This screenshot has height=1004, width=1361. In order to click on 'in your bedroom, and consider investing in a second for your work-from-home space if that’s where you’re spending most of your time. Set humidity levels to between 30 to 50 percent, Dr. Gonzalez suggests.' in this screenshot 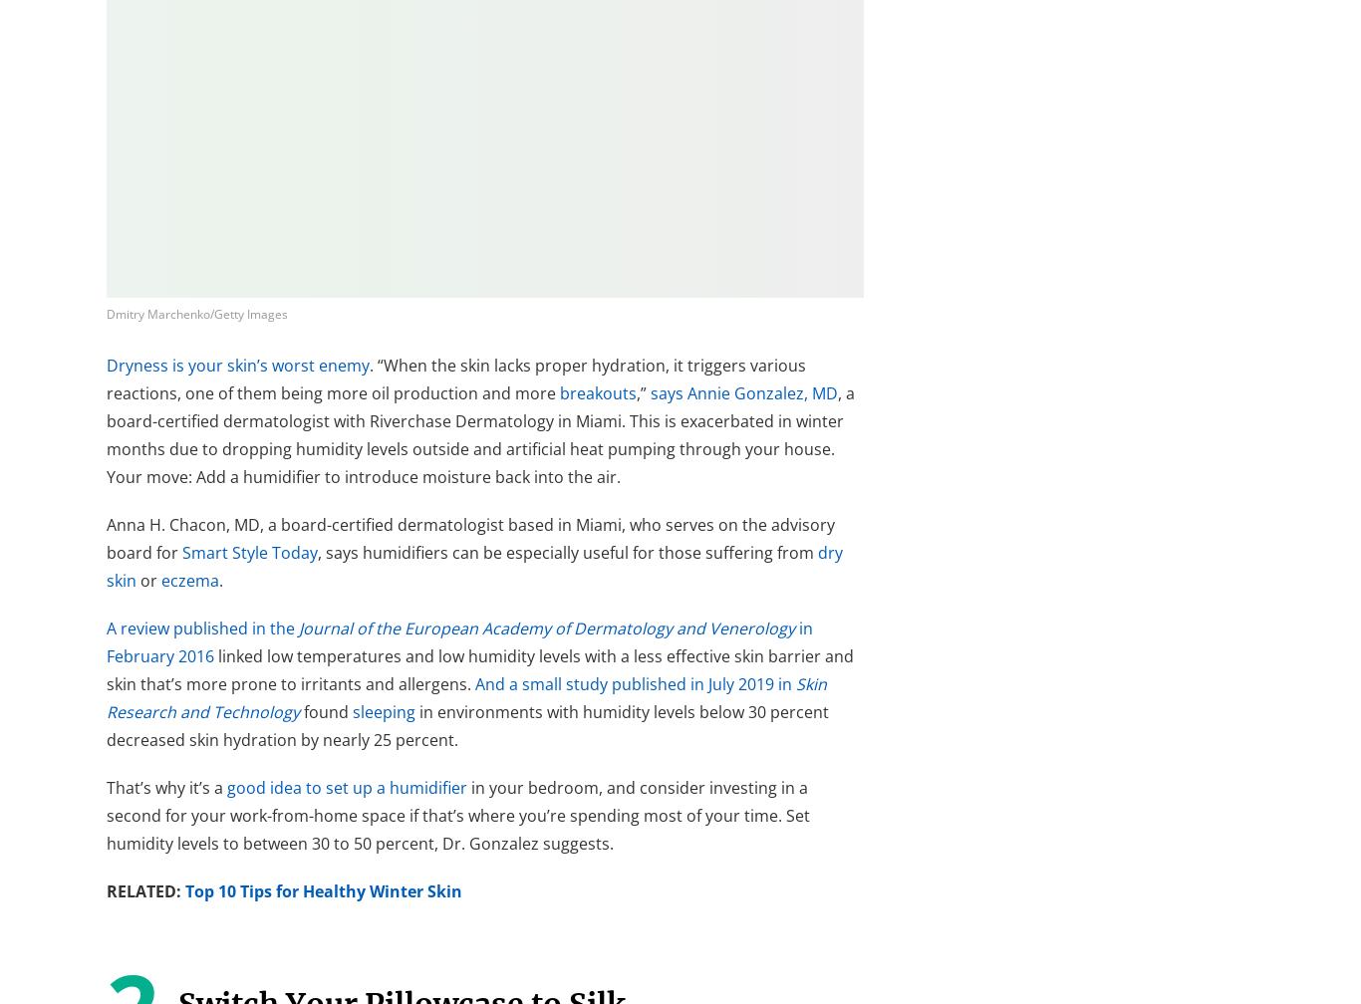, I will do `click(457, 816)`.